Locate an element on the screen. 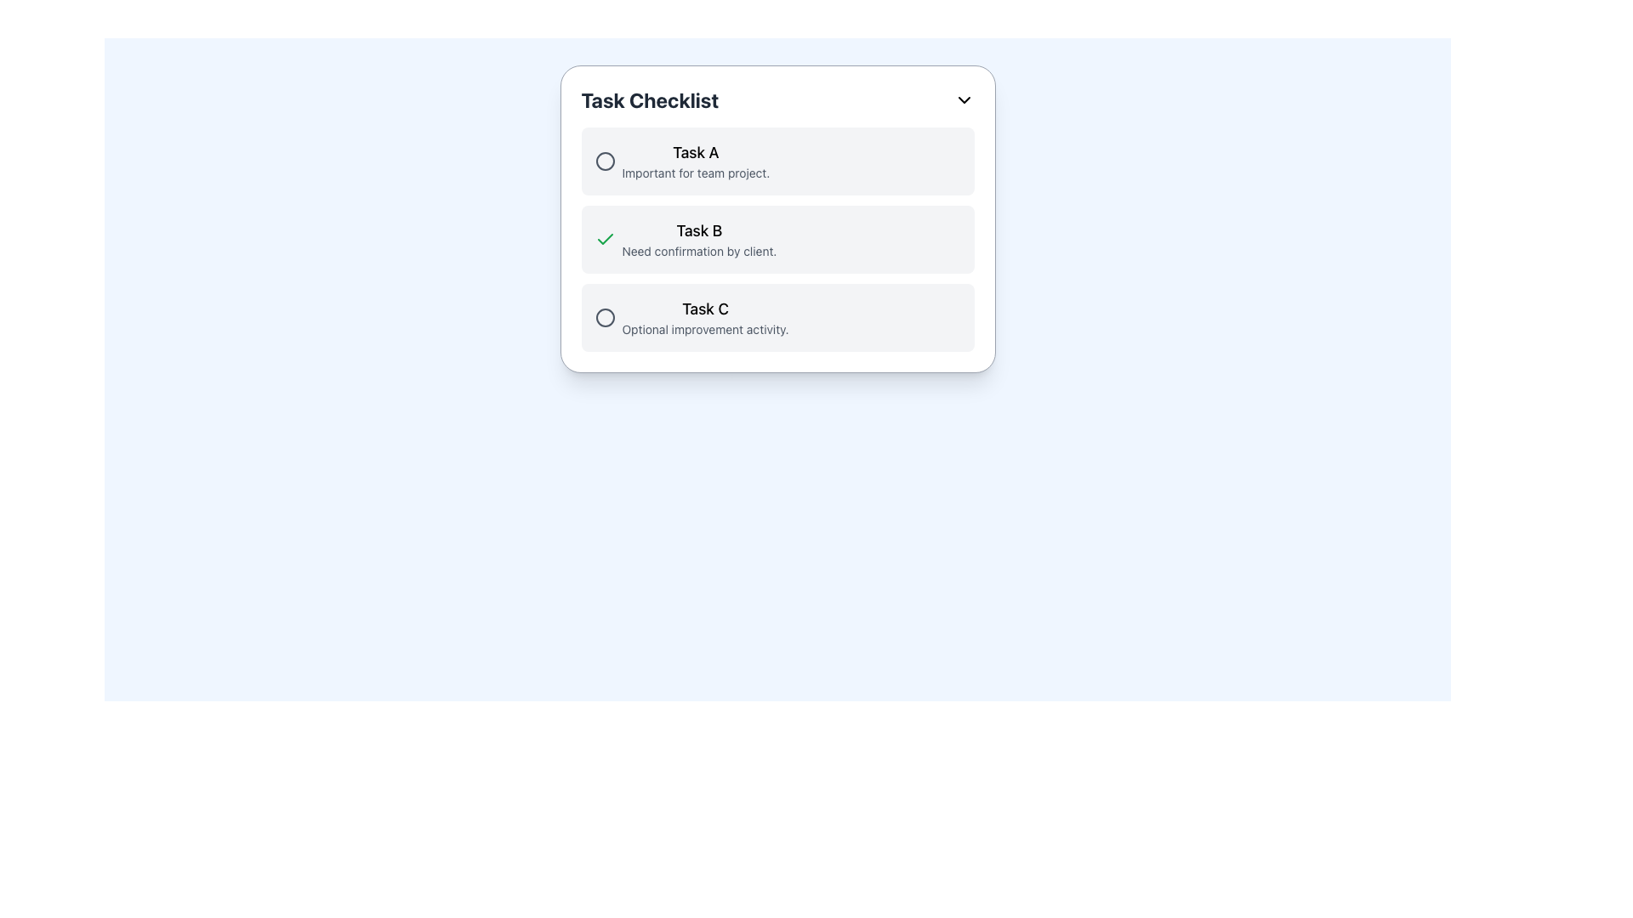 The image size is (1633, 918). the text label displaying 'Optional improvement activity.' which is located below the 'Task C' heading in the checklist interface is located at coordinates (705, 330).